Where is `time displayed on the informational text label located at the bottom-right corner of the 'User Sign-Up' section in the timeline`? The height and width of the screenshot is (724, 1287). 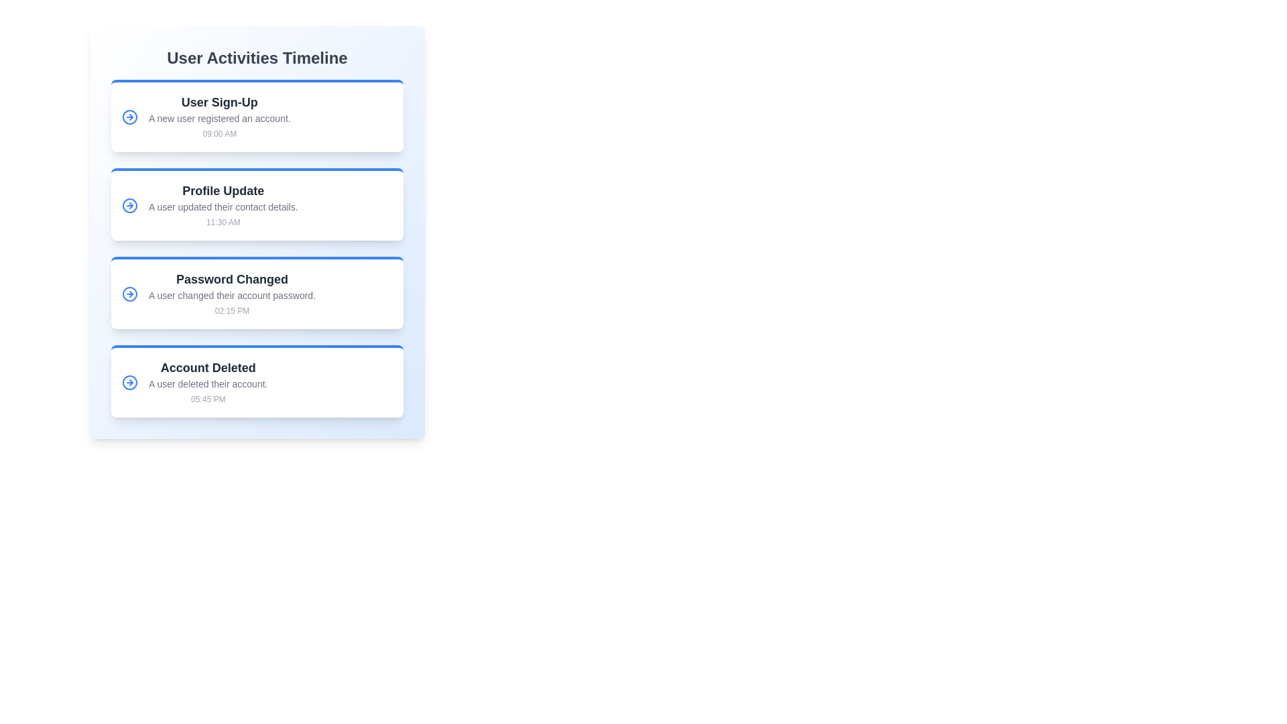
time displayed on the informational text label located at the bottom-right corner of the 'User Sign-Up' section in the timeline is located at coordinates (219, 134).